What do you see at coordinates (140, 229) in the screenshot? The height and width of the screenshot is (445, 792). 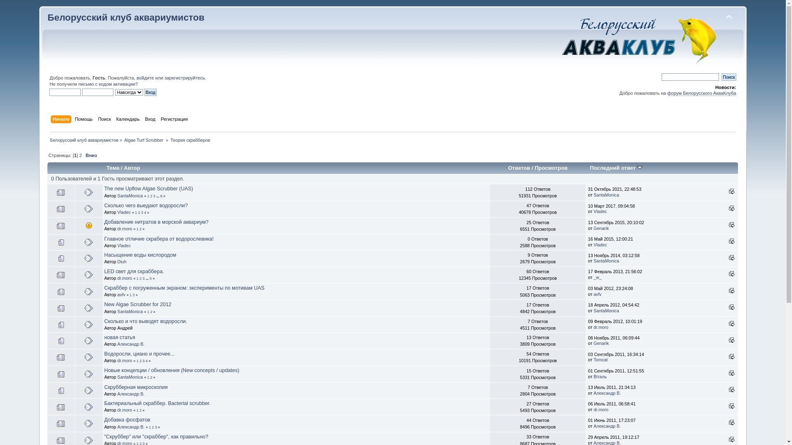 I see `'2'` at bounding box center [140, 229].